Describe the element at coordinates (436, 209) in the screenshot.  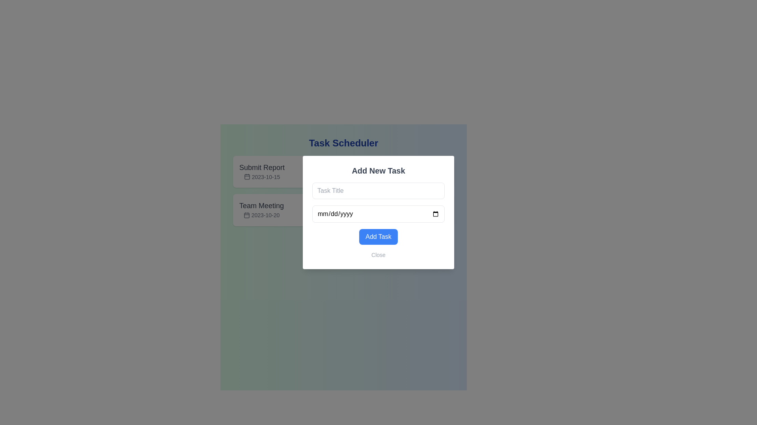
I see `the checkmark graphic located inside the icon on the right side of the 'mm/dd/yyyy' text input field within the 'Add New Task' modal dialog box` at that location.